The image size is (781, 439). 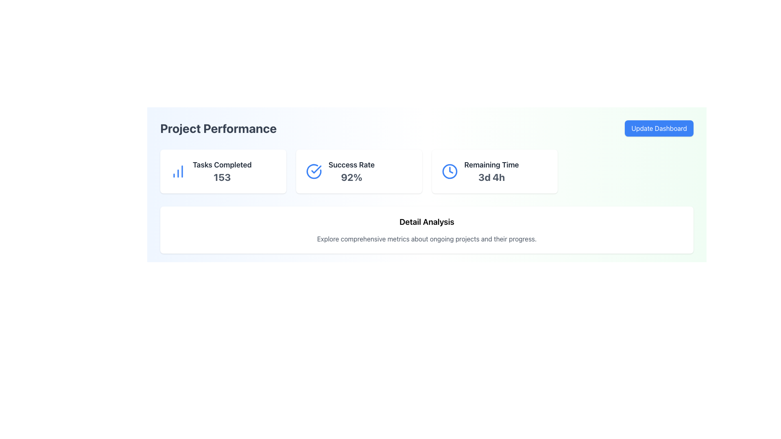 I want to click on the blue circular element within the SVG clock icon located in the 'Remaining Time' section of the interface, so click(x=449, y=171).